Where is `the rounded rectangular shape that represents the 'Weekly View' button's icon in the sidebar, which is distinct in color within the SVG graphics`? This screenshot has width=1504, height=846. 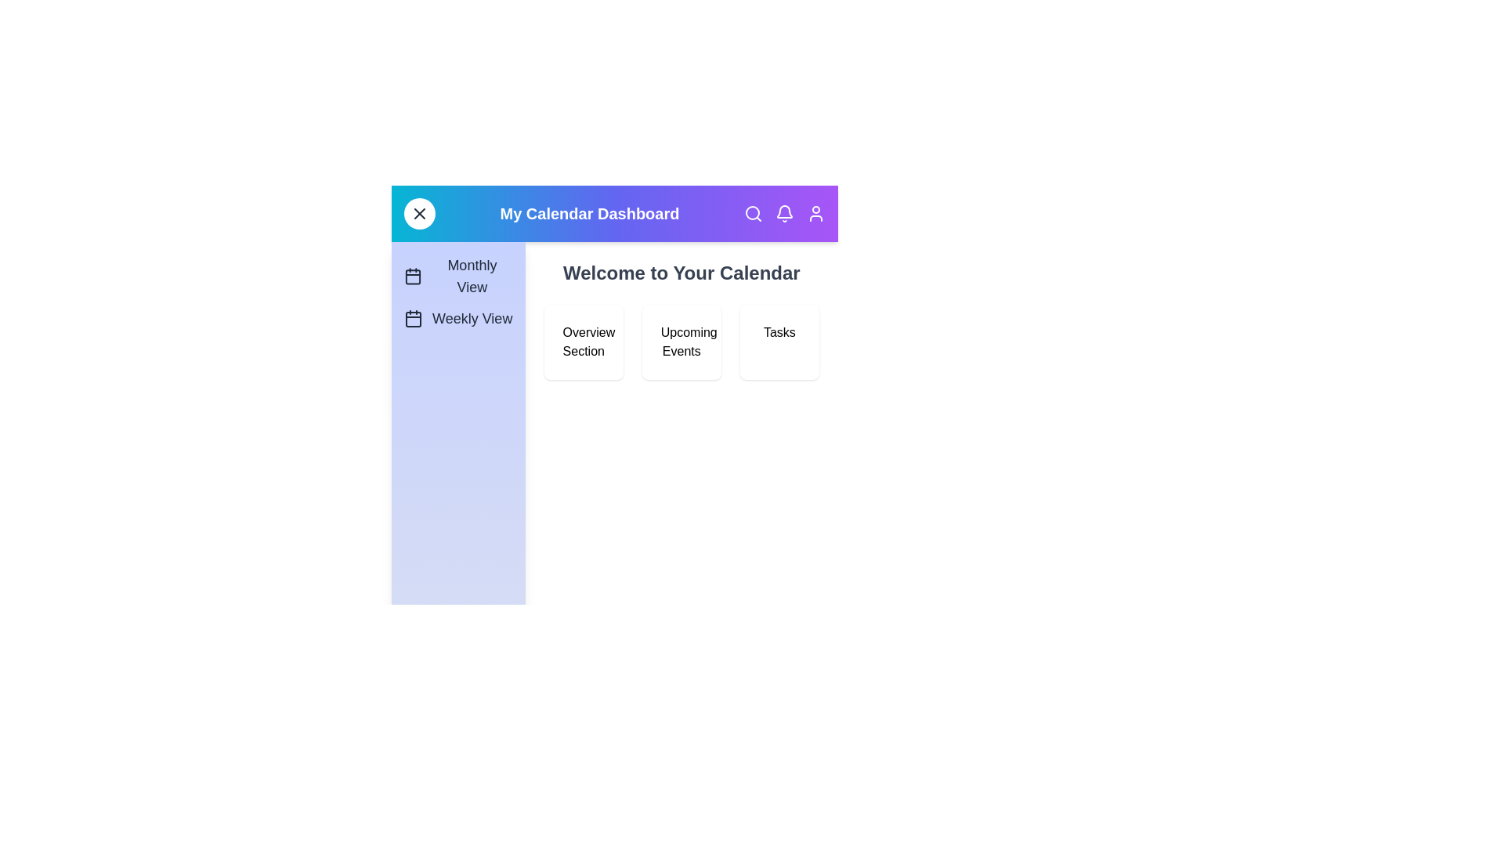 the rounded rectangular shape that represents the 'Weekly View' button's icon in the sidebar, which is distinct in color within the SVG graphics is located at coordinates (414, 319).